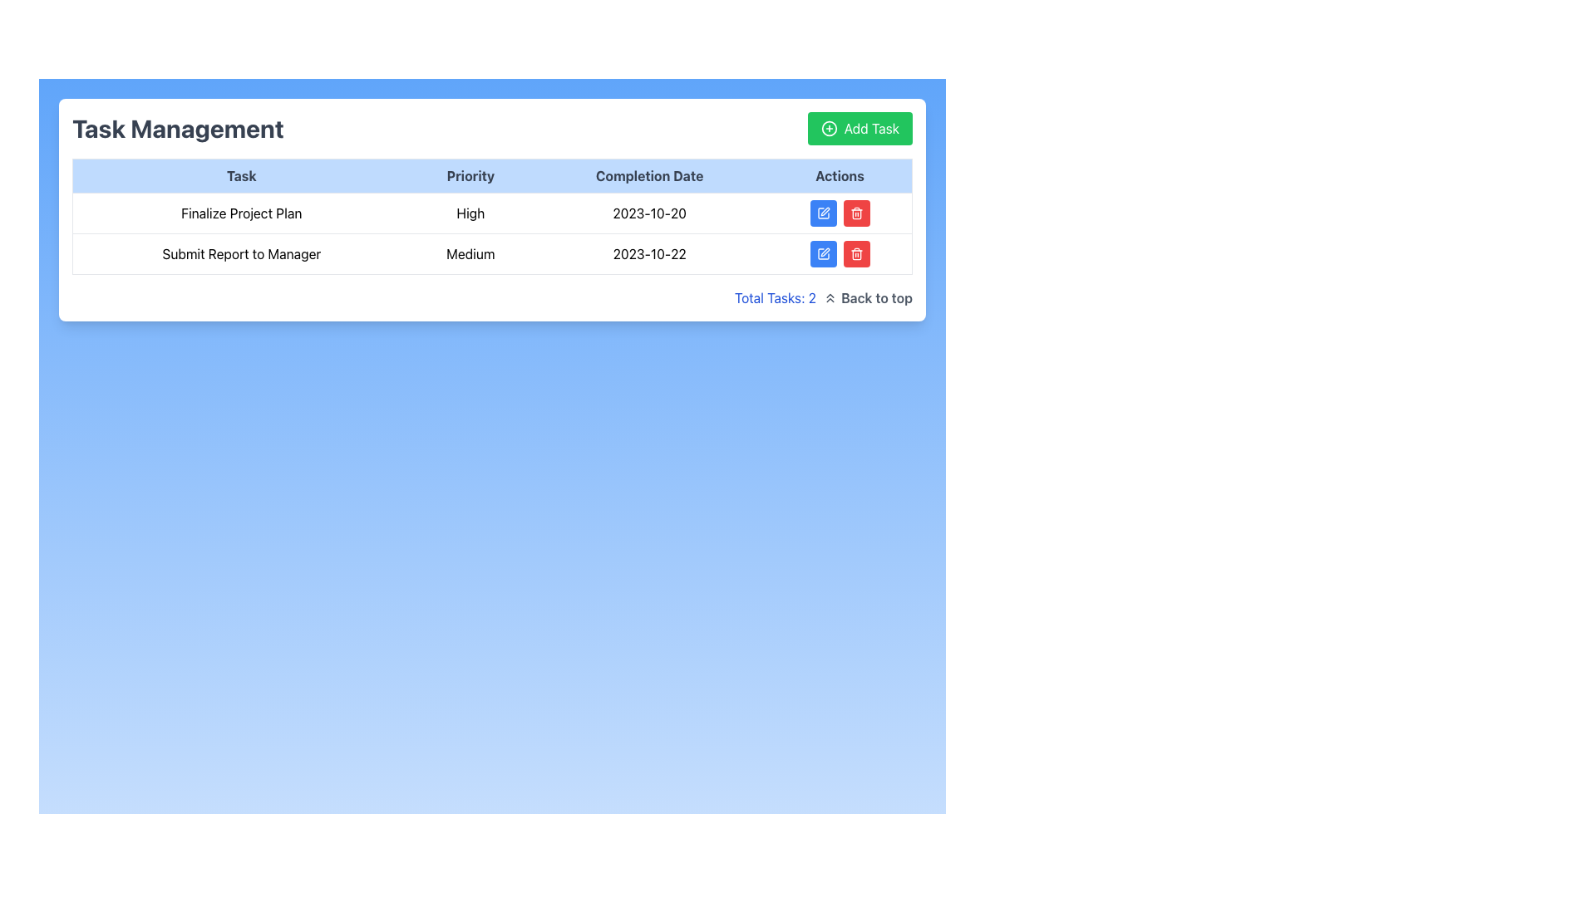  I want to click on the trash can icon button for deletion actions, located on the rightmost side of the 'Actions' column in the task table, associated with the 'Submit Report to Manager' task, so click(856, 253).